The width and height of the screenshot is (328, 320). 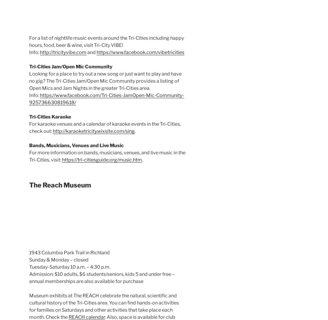 I want to click on 'Sunday & Monday – closed', so click(x=58, y=259).